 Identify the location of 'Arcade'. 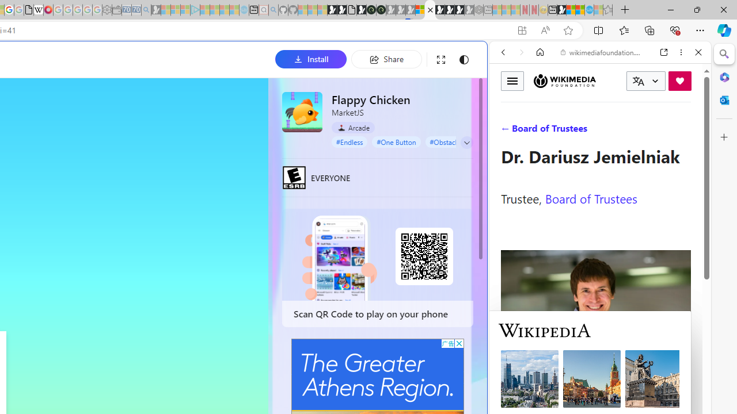
(352, 128).